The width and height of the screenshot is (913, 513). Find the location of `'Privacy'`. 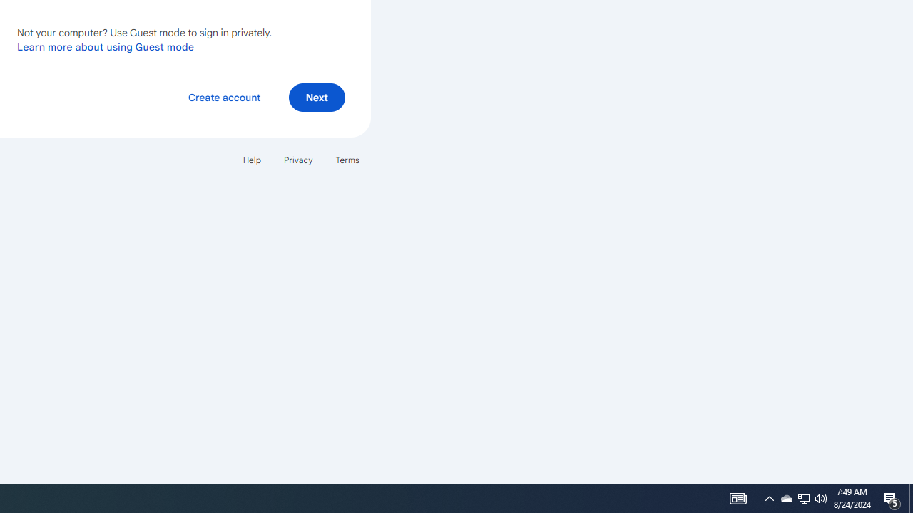

'Privacy' is located at coordinates (297, 160).